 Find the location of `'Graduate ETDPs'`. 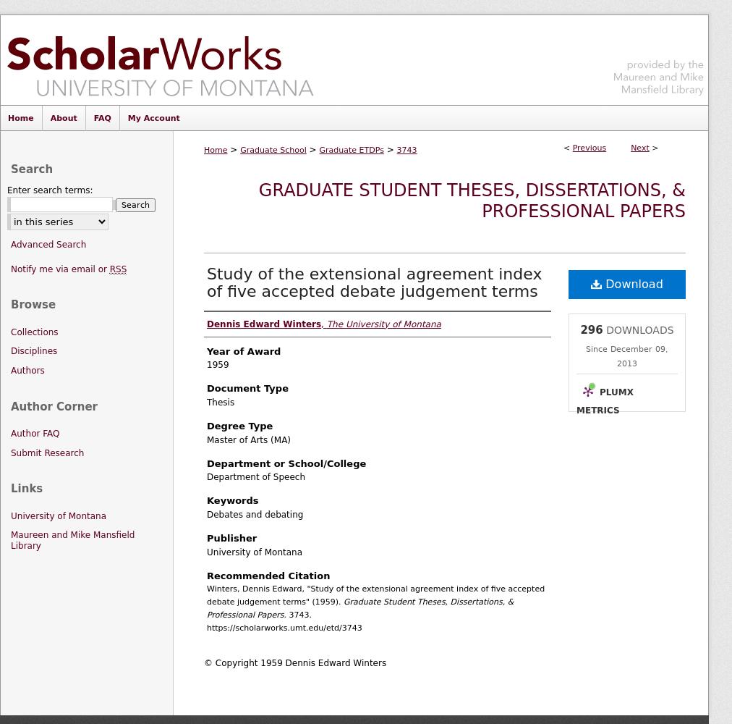

'Graduate ETDPs' is located at coordinates (351, 149).